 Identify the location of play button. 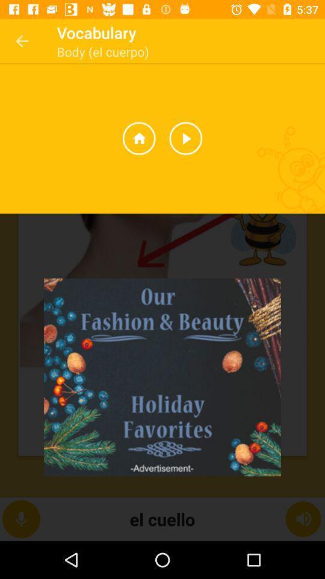
(185, 139).